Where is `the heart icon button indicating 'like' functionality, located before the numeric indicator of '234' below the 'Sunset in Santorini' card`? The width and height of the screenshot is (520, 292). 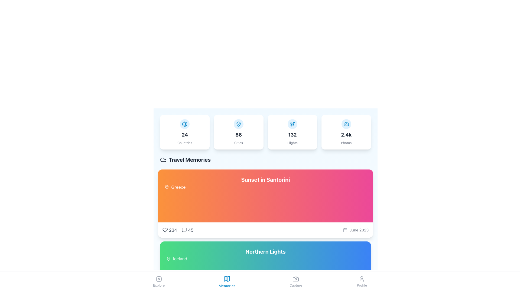
the heart icon button indicating 'like' functionality, located before the numeric indicator of '234' below the 'Sunset in Santorini' card is located at coordinates (165, 230).